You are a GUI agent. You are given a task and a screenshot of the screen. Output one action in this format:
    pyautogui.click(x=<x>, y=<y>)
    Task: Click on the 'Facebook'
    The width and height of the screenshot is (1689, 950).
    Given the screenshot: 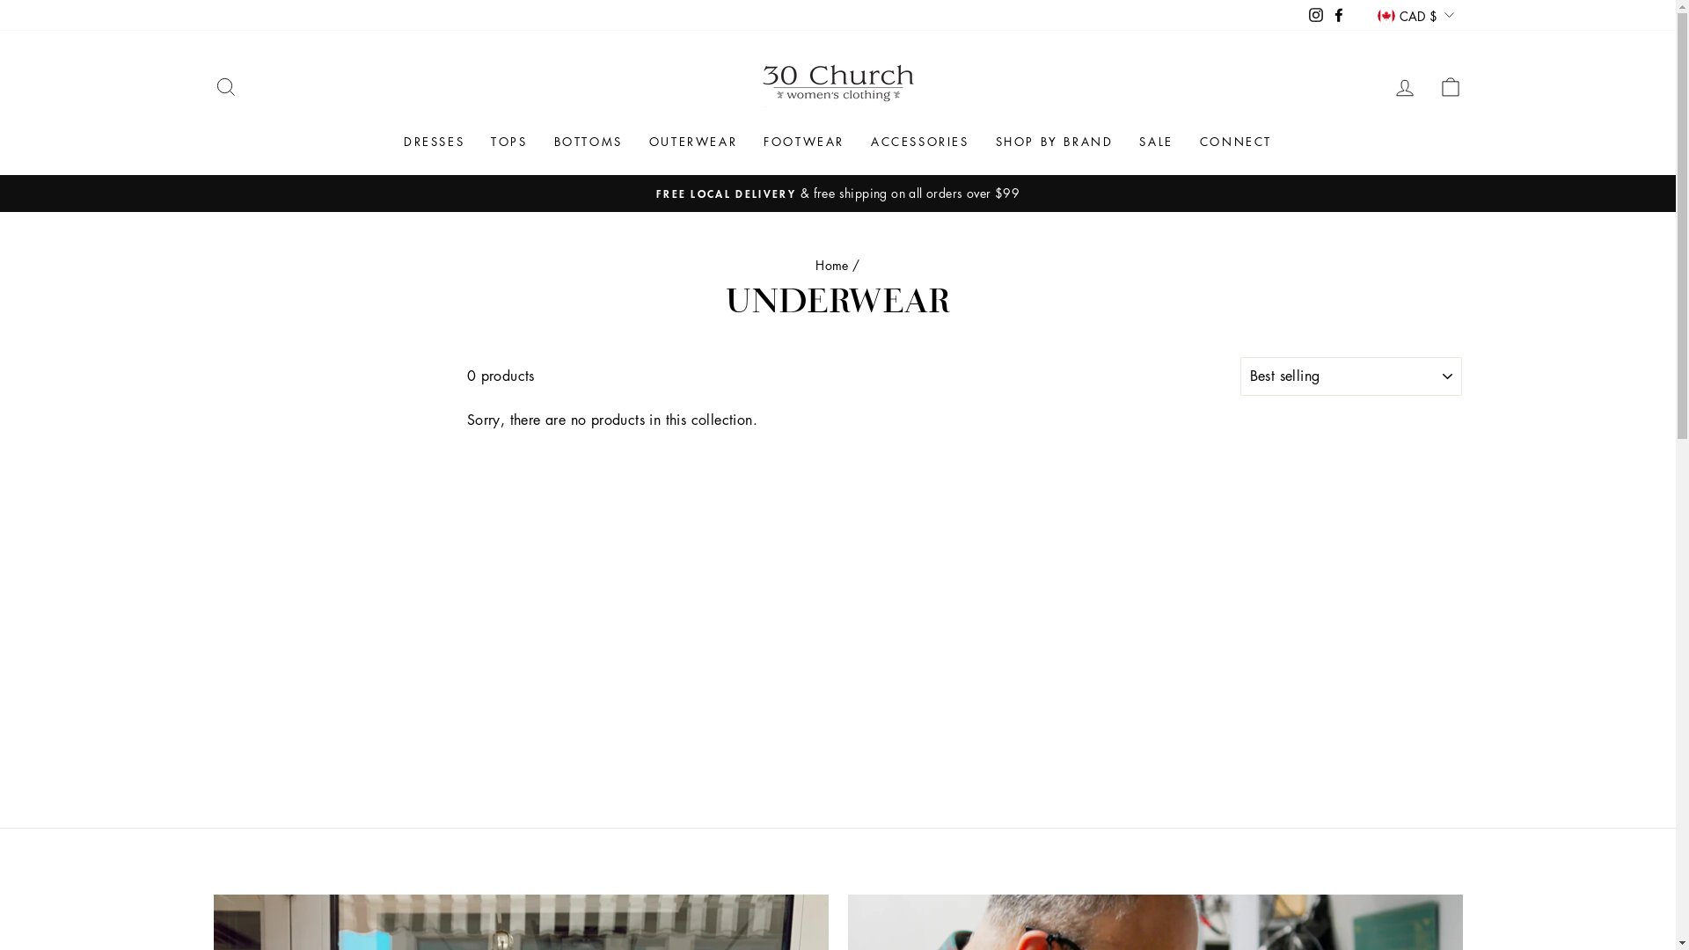 What is the action you would take?
    pyautogui.click(x=1337, y=14)
    